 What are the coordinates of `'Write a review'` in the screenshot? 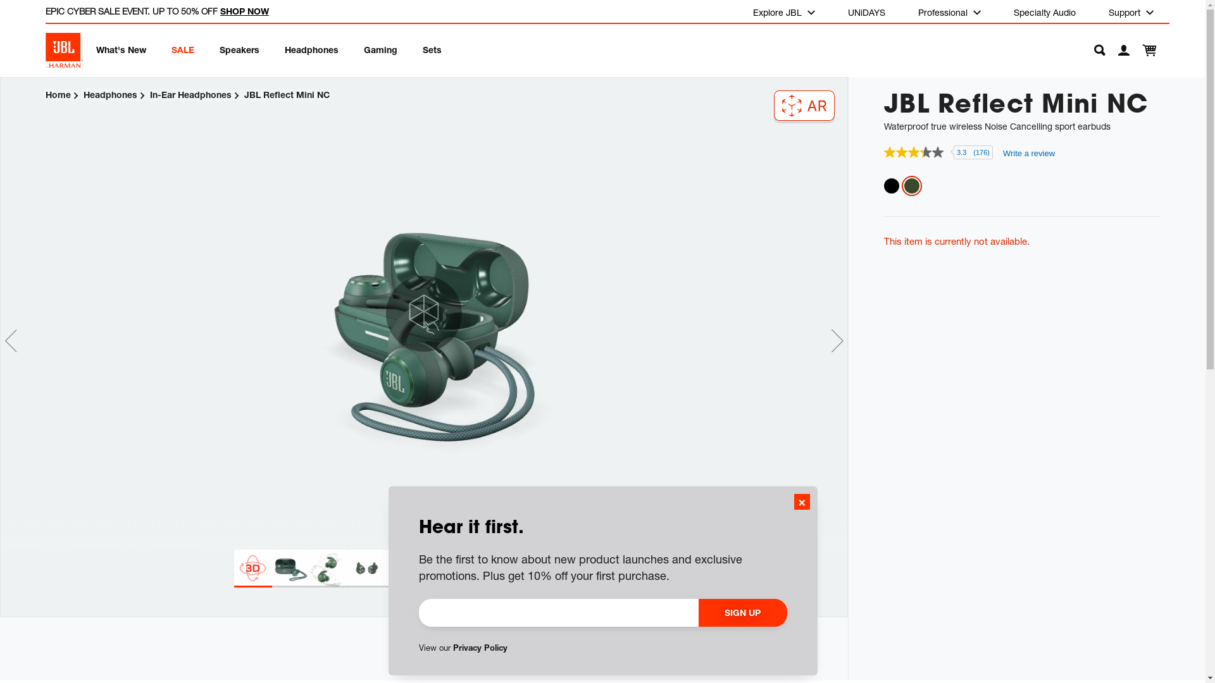 It's located at (1029, 152).